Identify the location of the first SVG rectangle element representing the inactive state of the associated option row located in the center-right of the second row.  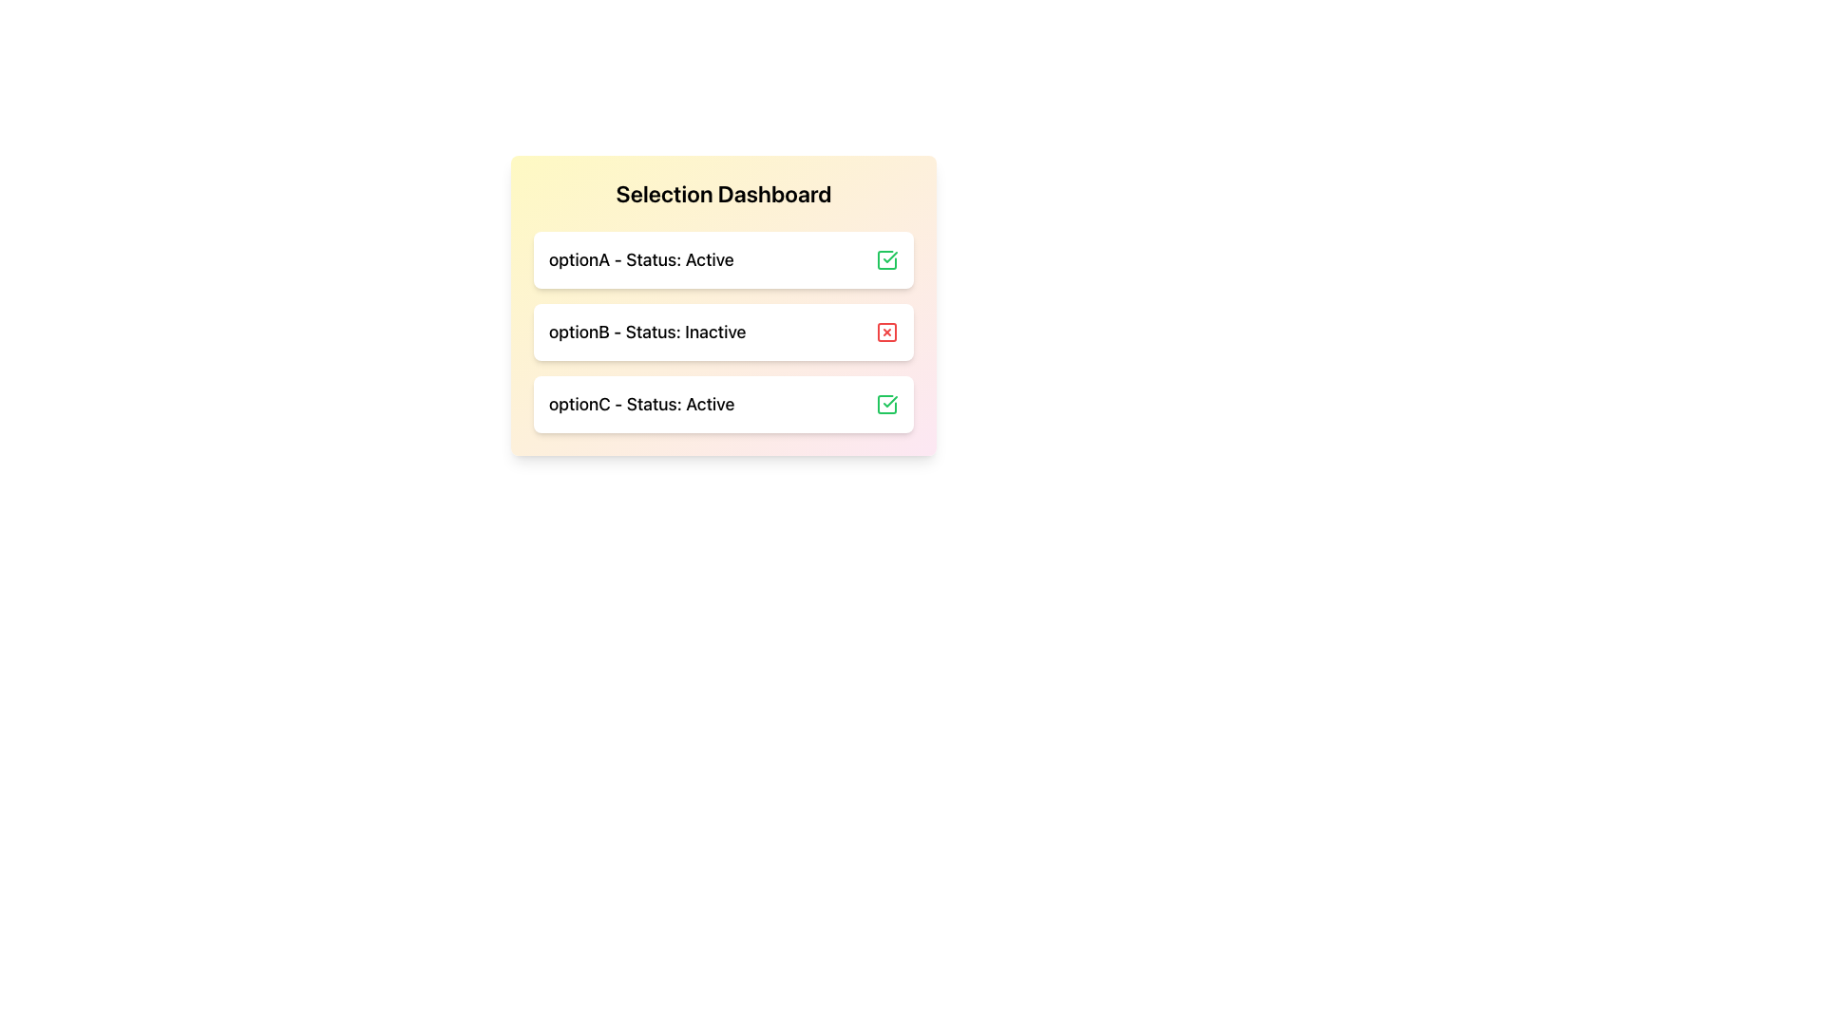
(886, 332).